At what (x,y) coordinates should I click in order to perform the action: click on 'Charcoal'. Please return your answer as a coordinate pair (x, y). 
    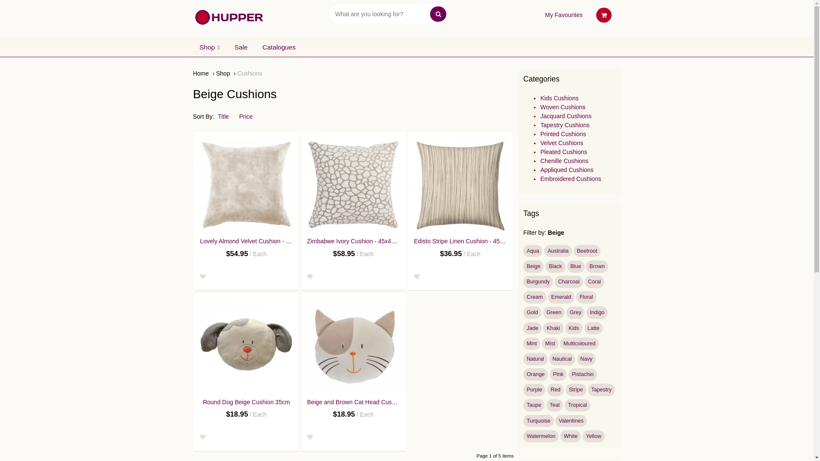
    Looking at the image, I should click on (568, 282).